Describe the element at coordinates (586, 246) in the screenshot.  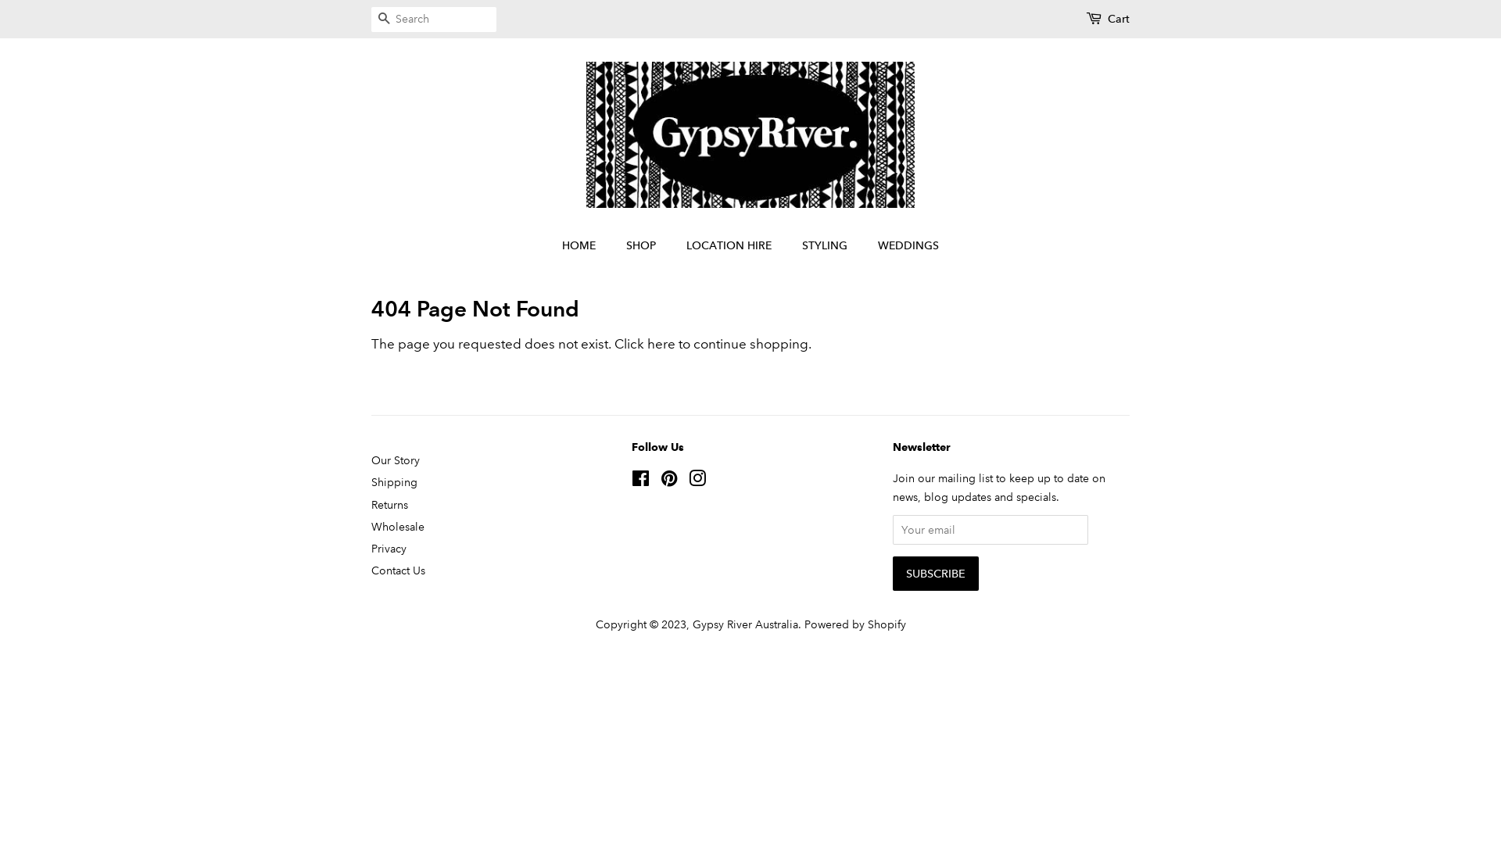
I see `'HOME'` at that location.